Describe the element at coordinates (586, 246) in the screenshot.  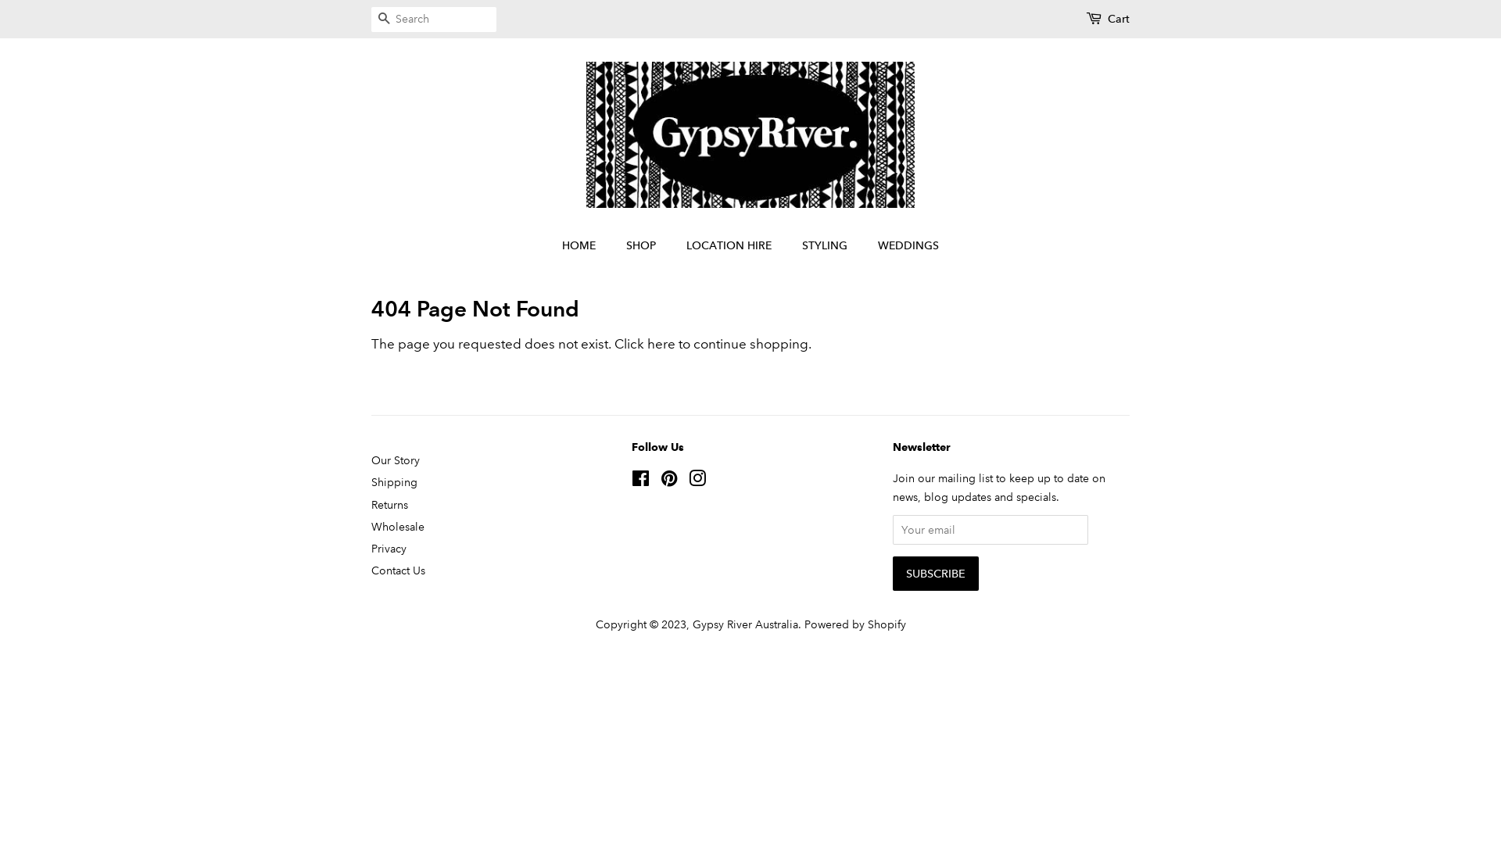
I see `'HOME'` at that location.